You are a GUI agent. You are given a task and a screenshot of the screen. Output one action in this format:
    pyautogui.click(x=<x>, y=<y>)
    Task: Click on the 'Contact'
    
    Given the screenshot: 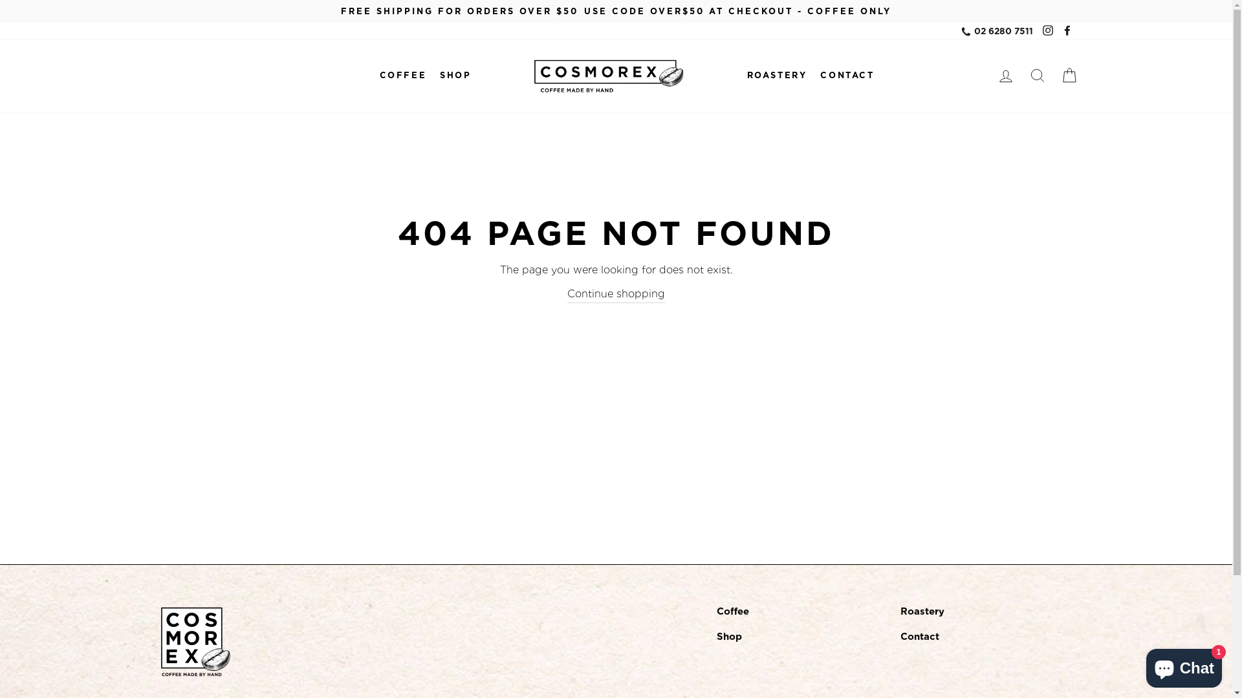 What is the action you would take?
    pyautogui.click(x=900, y=636)
    